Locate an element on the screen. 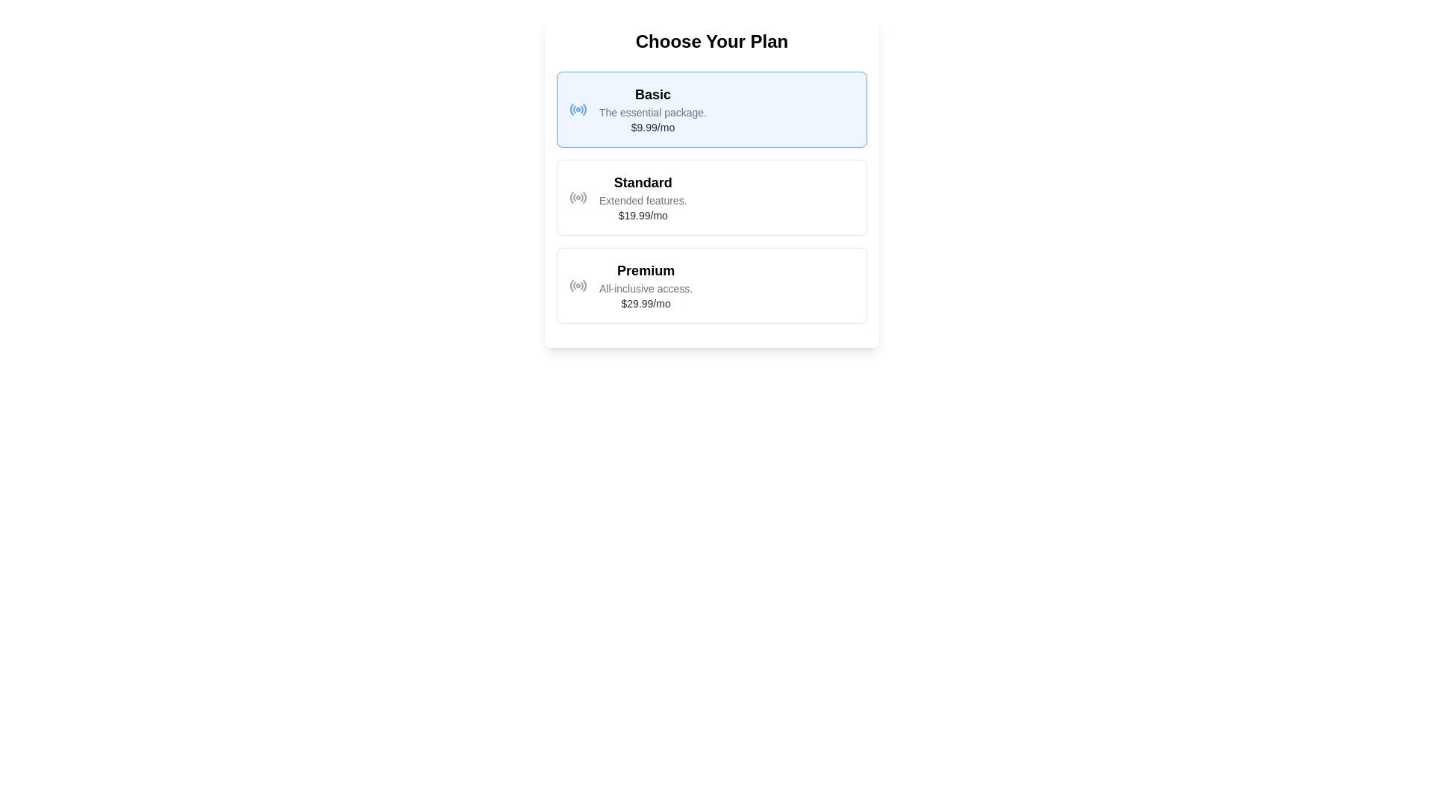 The image size is (1433, 806). the Selectable Option Box labeled 'Premium' is located at coordinates (711, 285).